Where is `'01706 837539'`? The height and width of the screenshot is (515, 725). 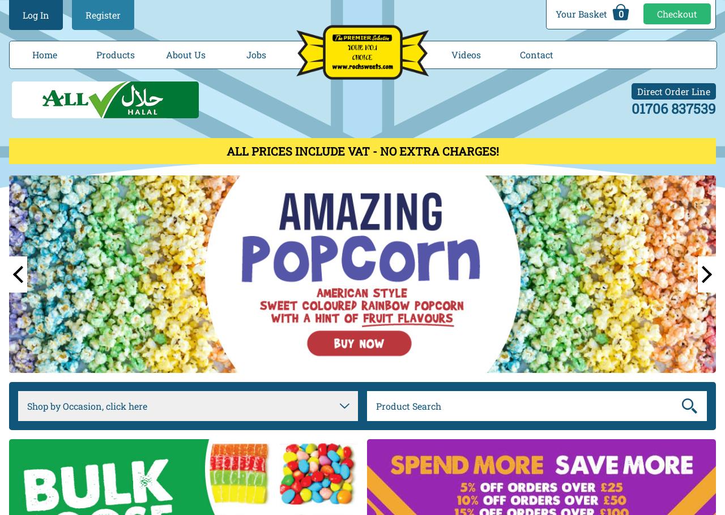 '01706 837539' is located at coordinates (631, 109).